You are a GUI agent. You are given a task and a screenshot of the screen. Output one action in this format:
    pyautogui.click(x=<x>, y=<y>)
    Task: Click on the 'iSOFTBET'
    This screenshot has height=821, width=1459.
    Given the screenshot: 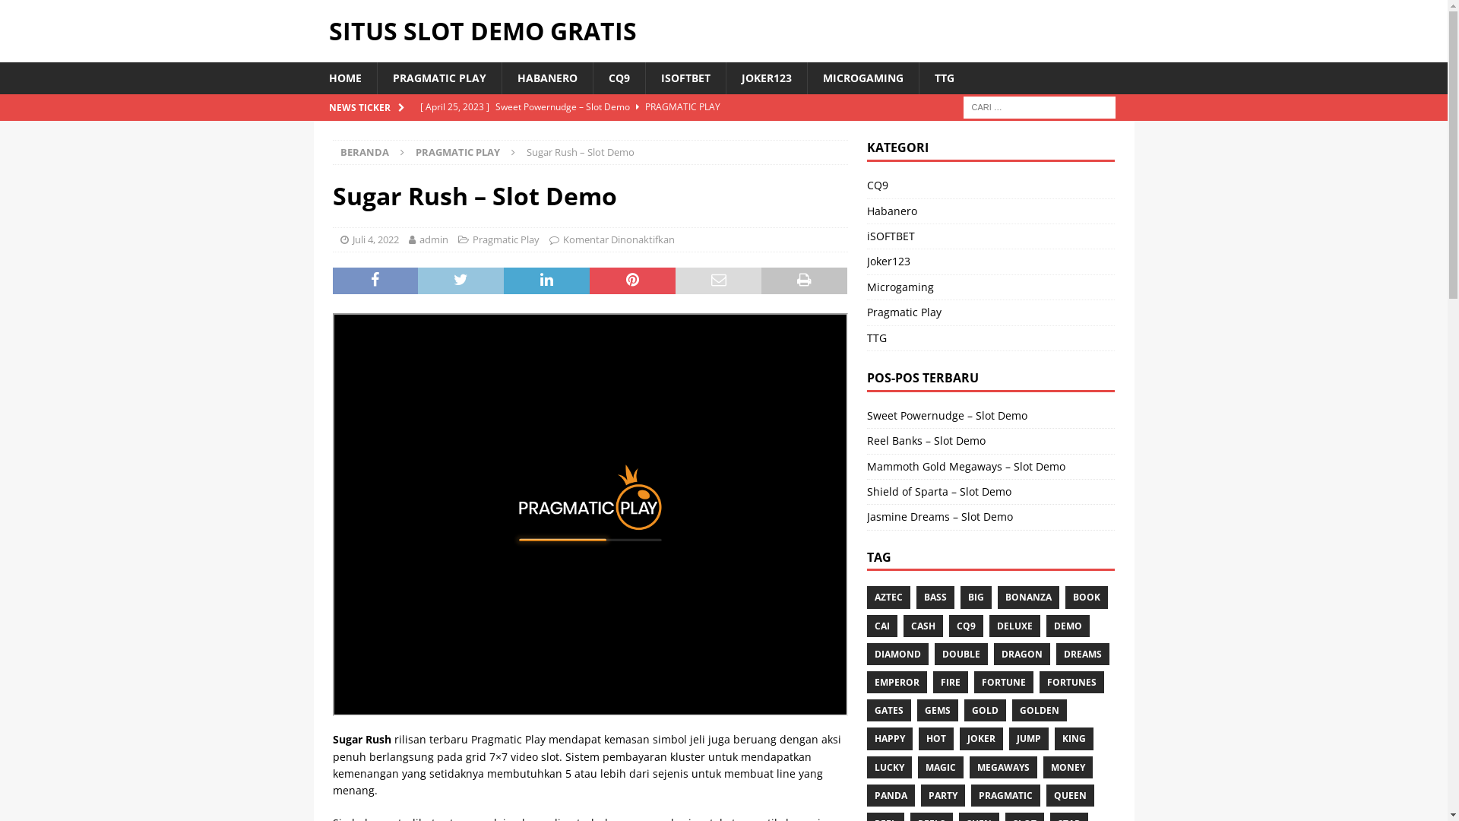 What is the action you would take?
    pyautogui.click(x=991, y=236)
    